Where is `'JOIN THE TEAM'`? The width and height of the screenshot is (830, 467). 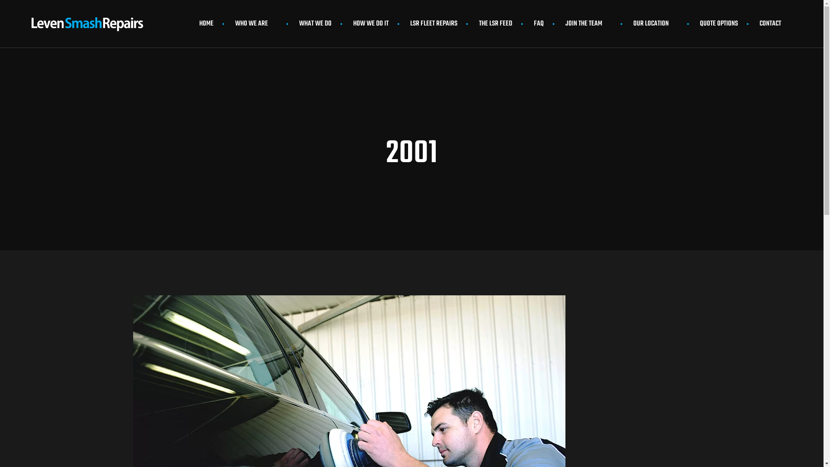
'JOIN THE TEAM' is located at coordinates (588, 23).